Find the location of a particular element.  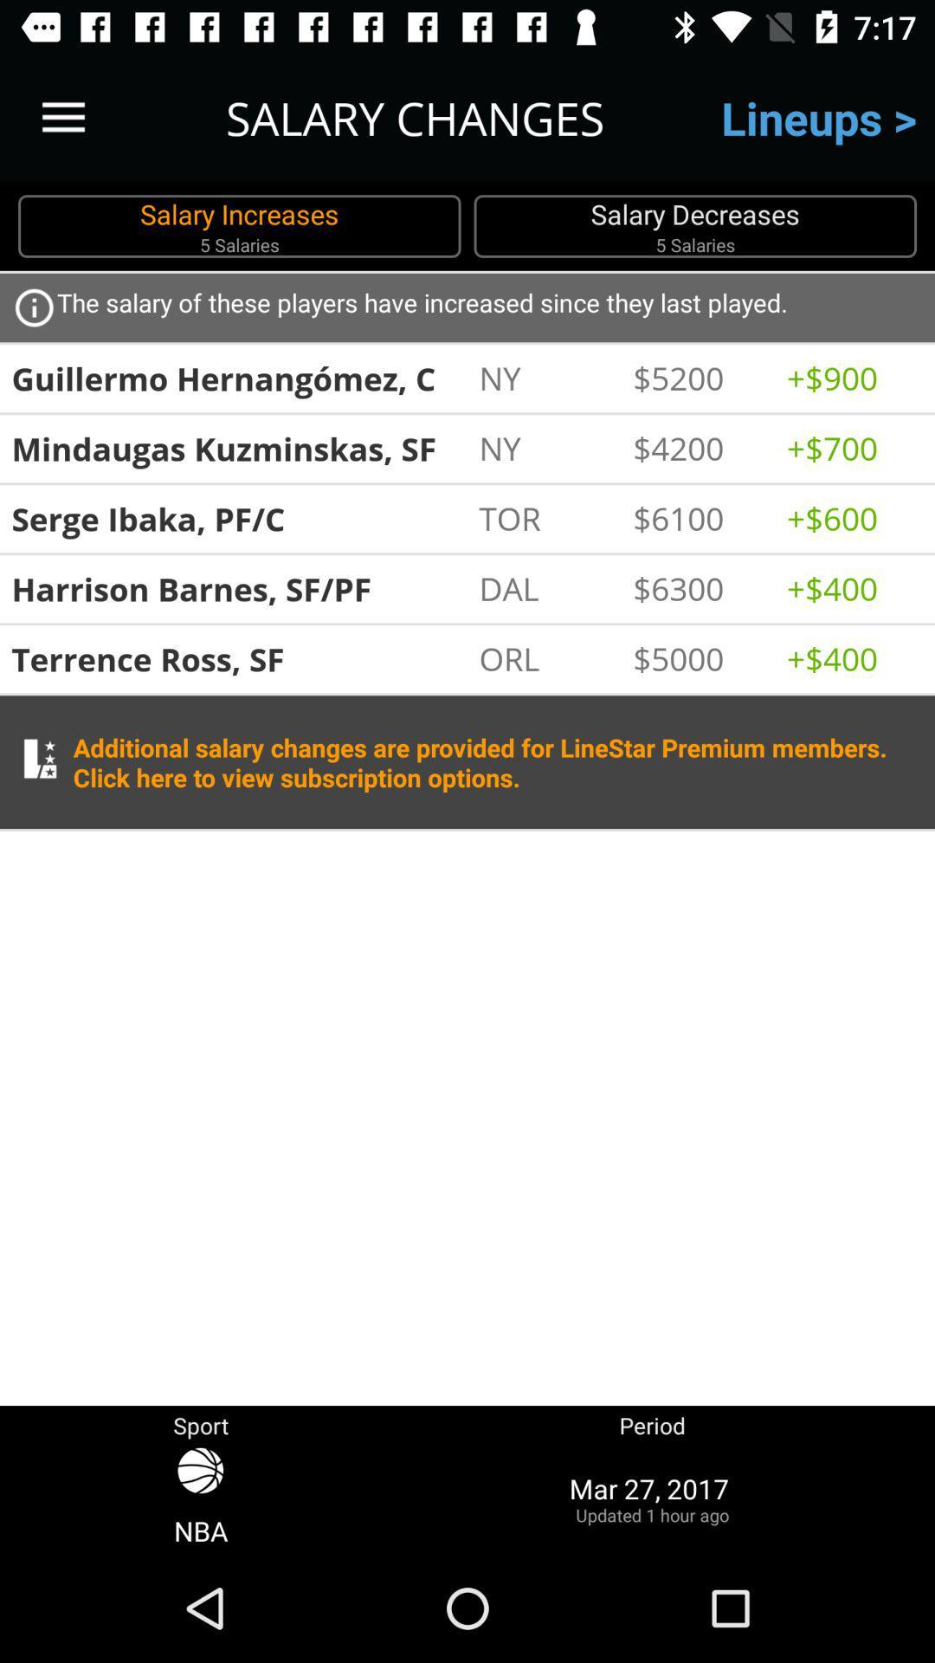

icon next to orl icon is located at coordinates (700, 657).